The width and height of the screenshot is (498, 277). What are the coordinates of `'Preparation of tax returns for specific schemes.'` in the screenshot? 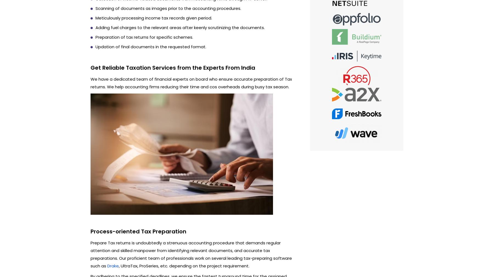 It's located at (144, 36).